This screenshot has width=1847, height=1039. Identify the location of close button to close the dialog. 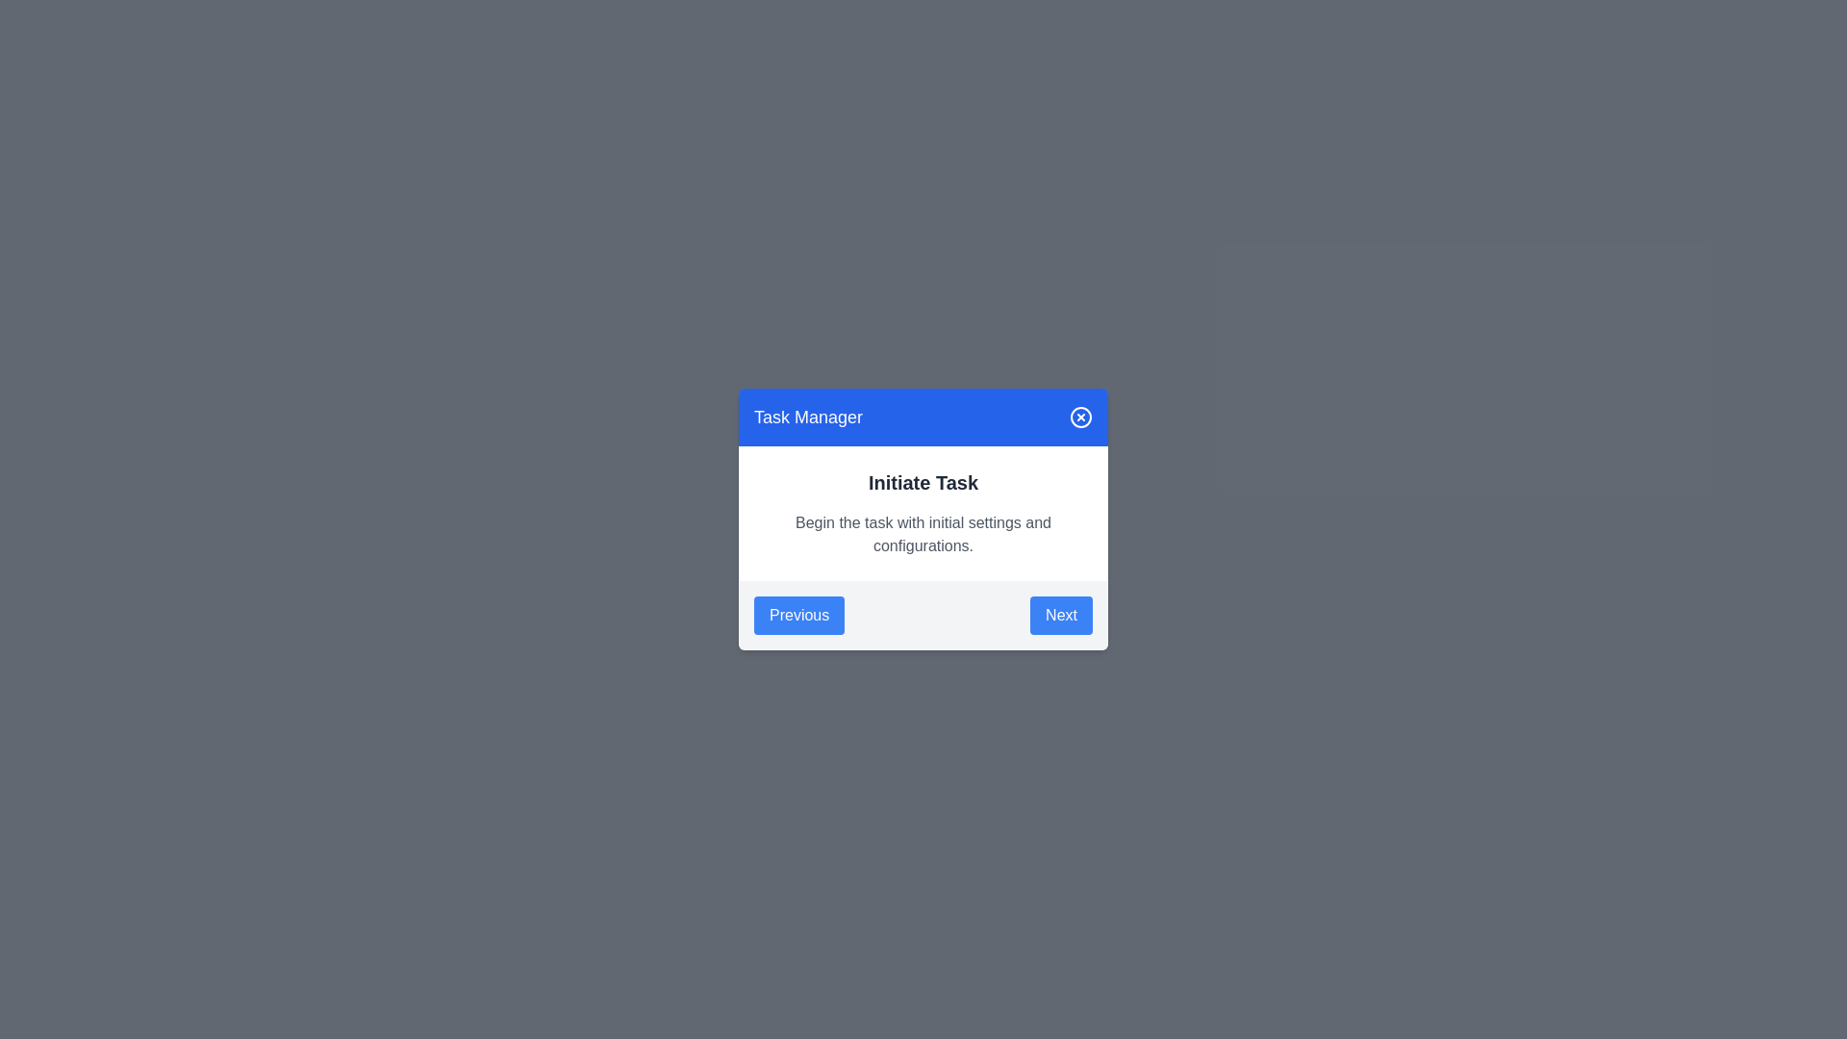
(1080, 417).